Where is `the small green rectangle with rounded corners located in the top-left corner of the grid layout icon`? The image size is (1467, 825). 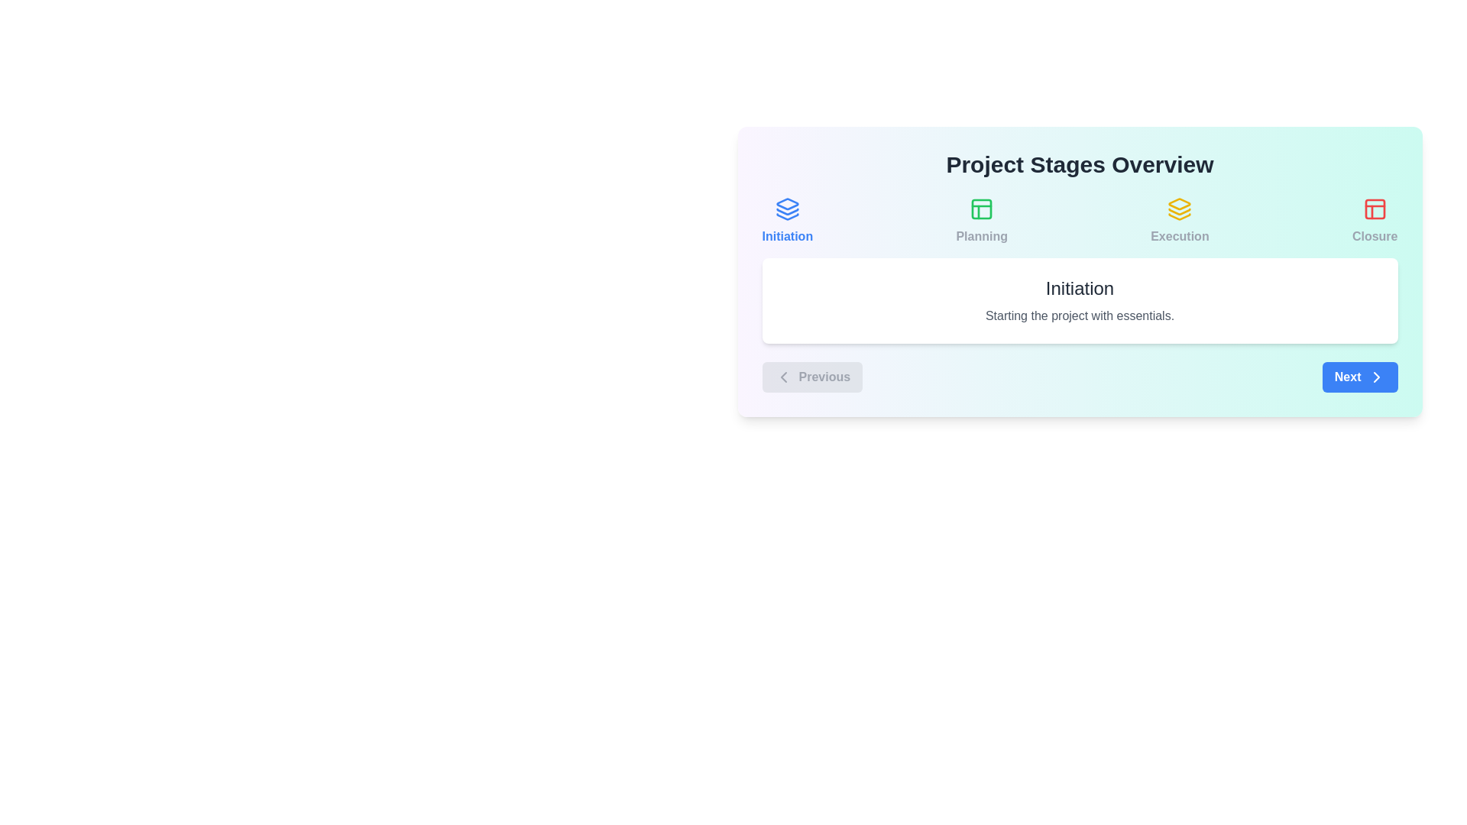
the small green rectangle with rounded corners located in the top-left corner of the grid layout icon is located at coordinates (982, 209).